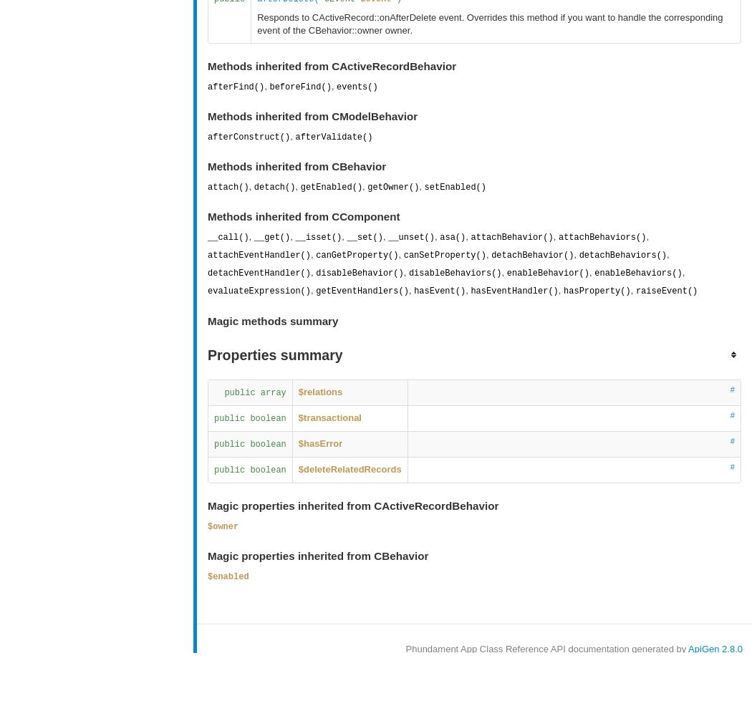  Describe the element at coordinates (223, 526) in the screenshot. I see `'$owner'` at that location.